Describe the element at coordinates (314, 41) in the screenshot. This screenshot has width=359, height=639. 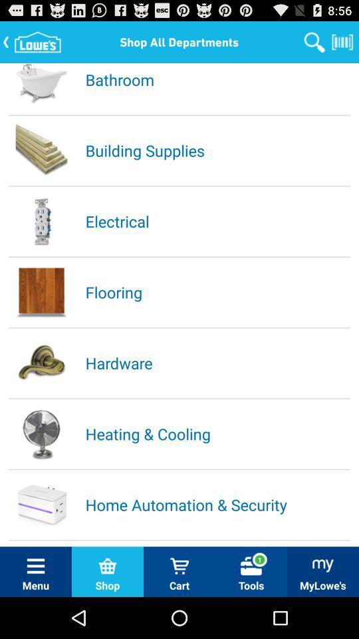
I see `the item above the bathroom app` at that location.